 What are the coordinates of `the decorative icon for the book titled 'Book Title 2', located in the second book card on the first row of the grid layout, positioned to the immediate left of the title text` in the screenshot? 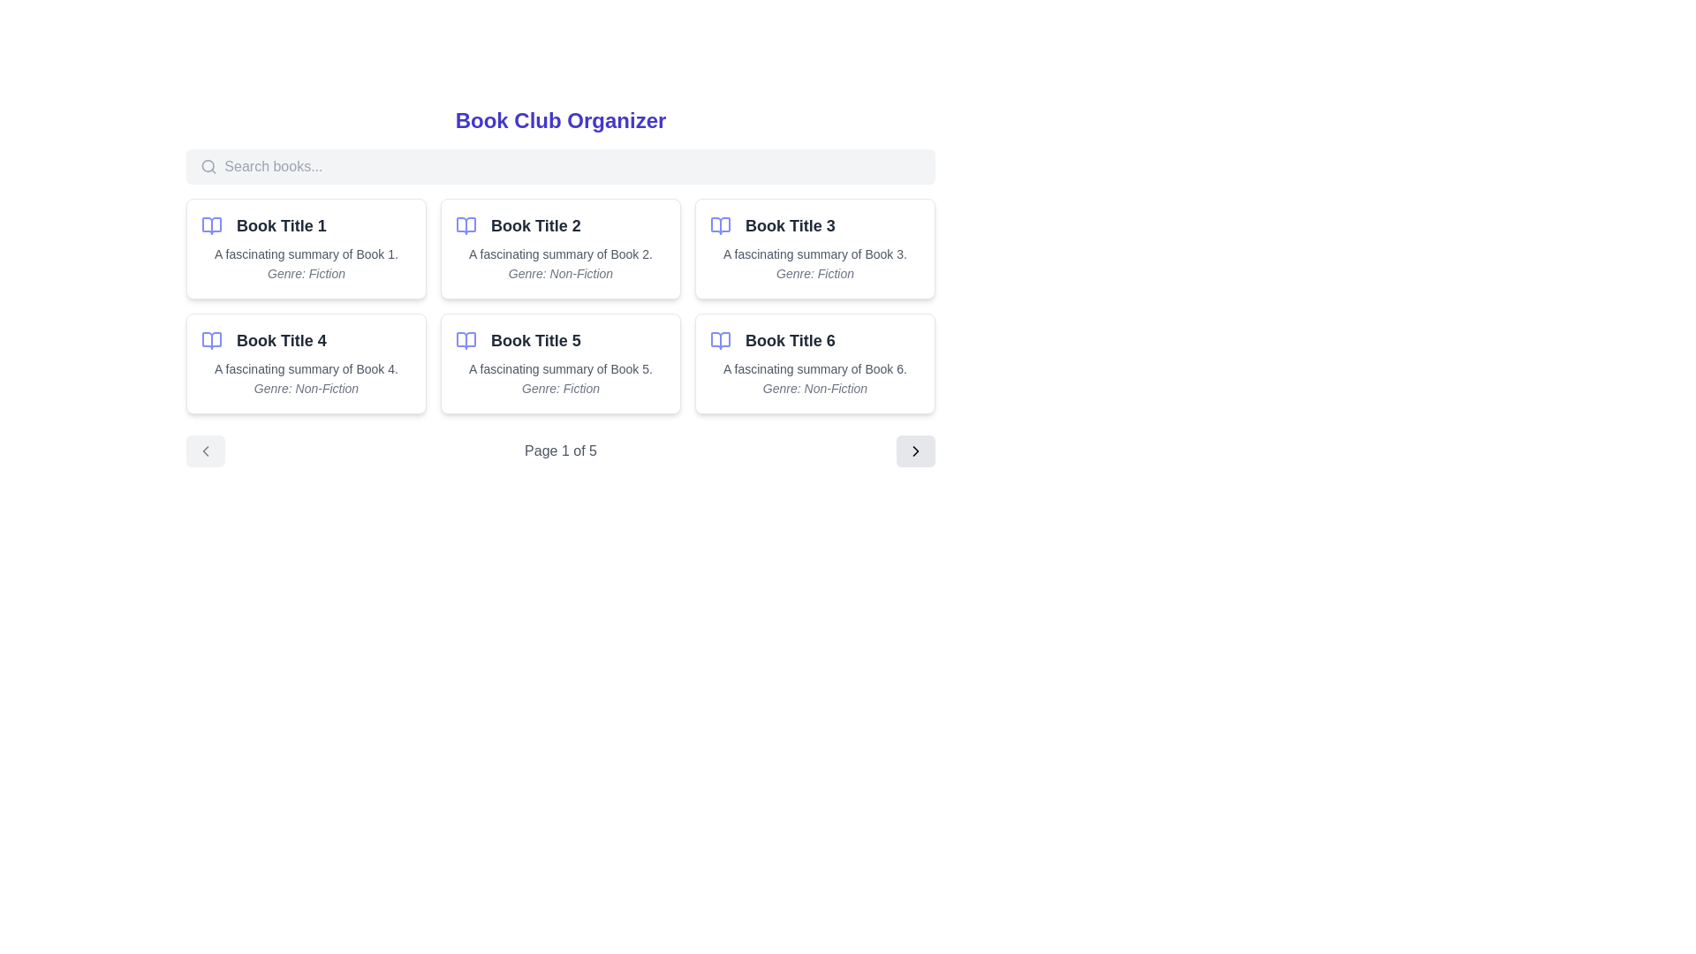 It's located at (466, 224).